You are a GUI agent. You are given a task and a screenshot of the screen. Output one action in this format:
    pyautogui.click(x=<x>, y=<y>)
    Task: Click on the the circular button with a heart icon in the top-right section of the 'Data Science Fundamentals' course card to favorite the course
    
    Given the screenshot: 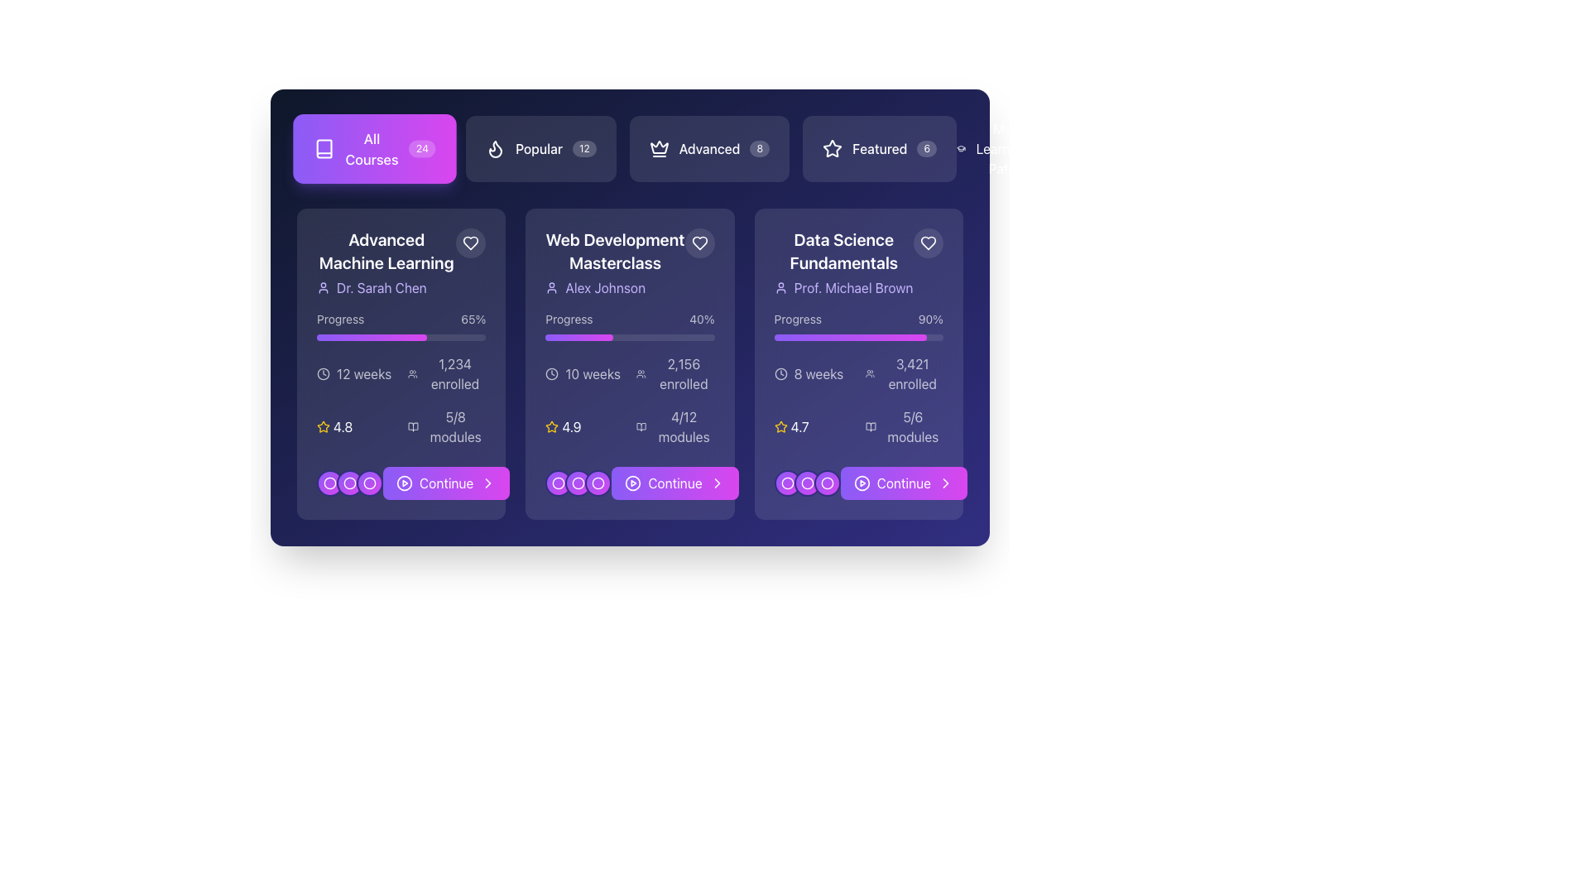 What is the action you would take?
    pyautogui.click(x=929, y=243)
    